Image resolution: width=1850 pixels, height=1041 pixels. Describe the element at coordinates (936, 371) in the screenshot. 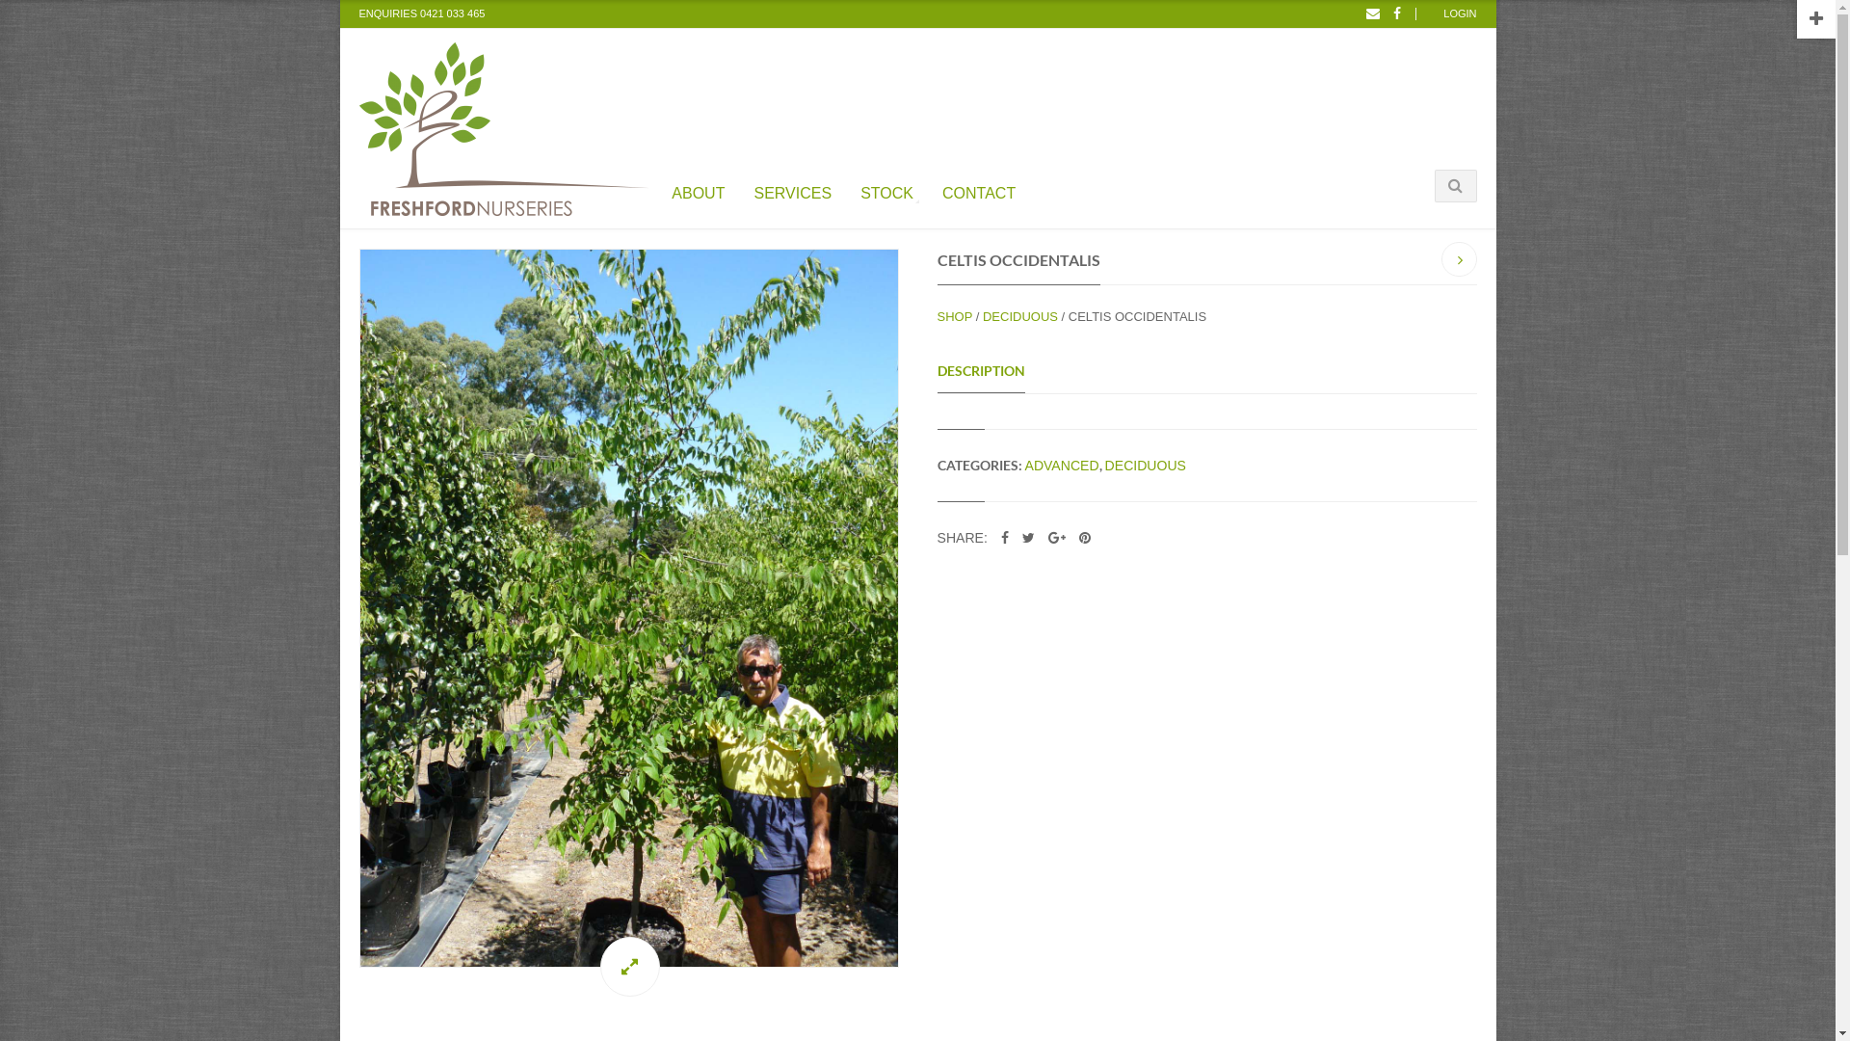

I see `'DESCRIPTION'` at that location.